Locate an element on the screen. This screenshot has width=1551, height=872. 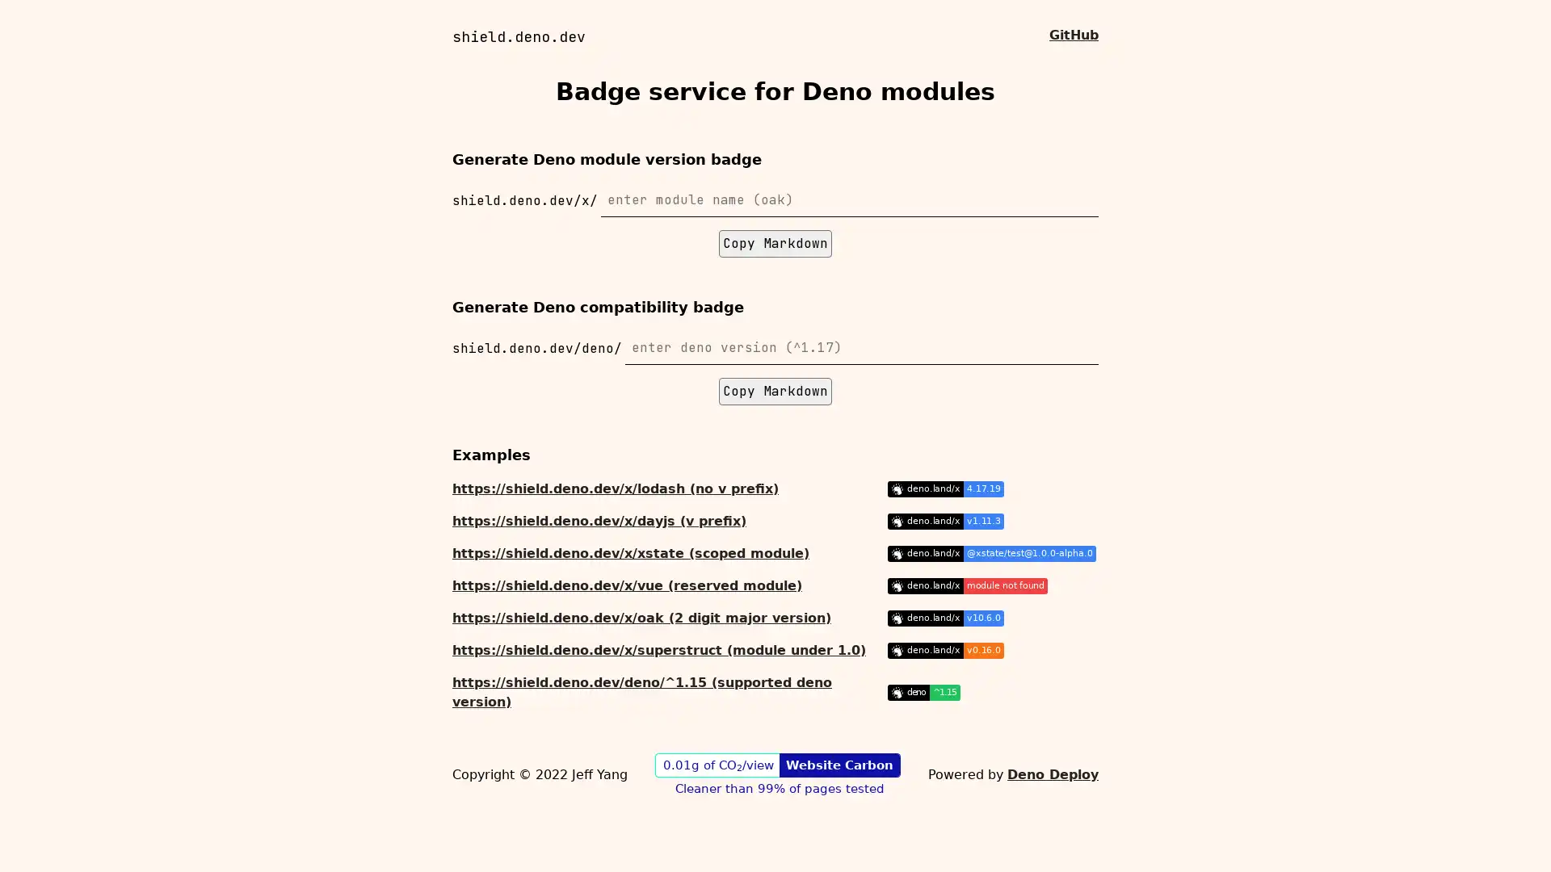
Copy Markdown is located at coordinates (775, 243).